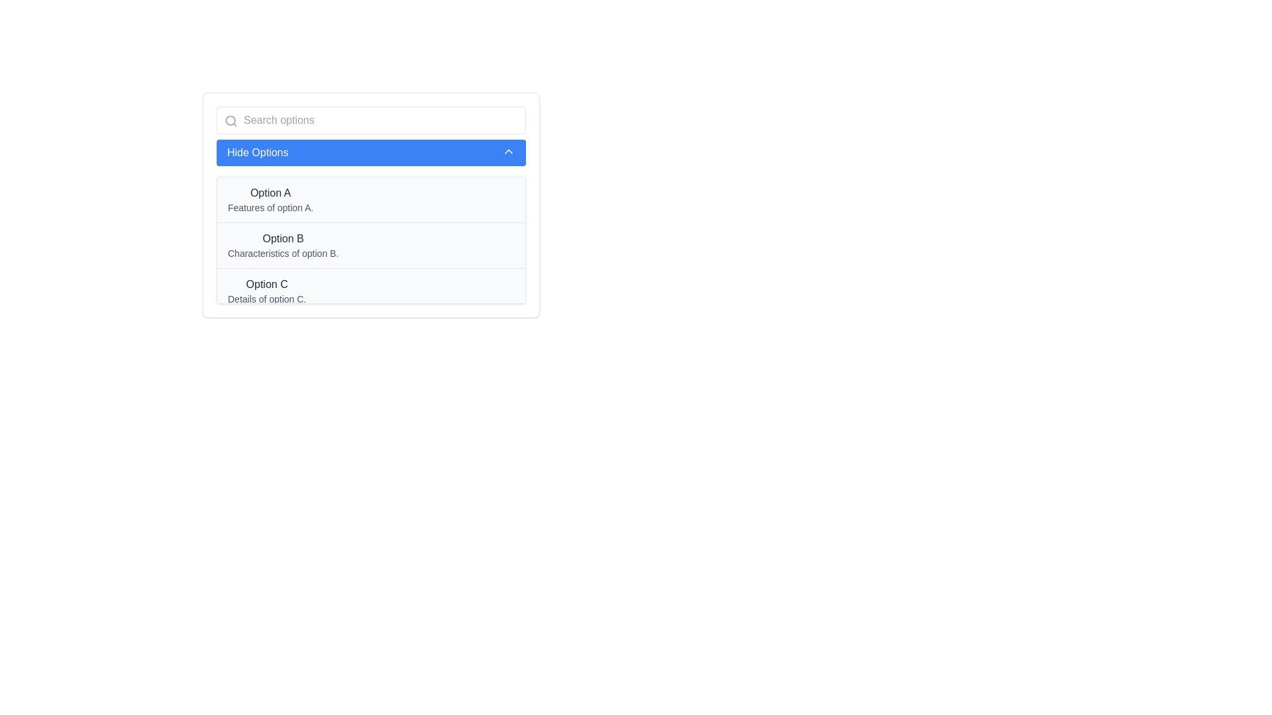 The height and width of the screenshot is (715, 1272). What do you see at coordinates (231, 120) in the screenshot?
I see `the black magnifying glass icon representing the search action, located inside the input field labeled 'Search options'` at bounding box center [231, 120].